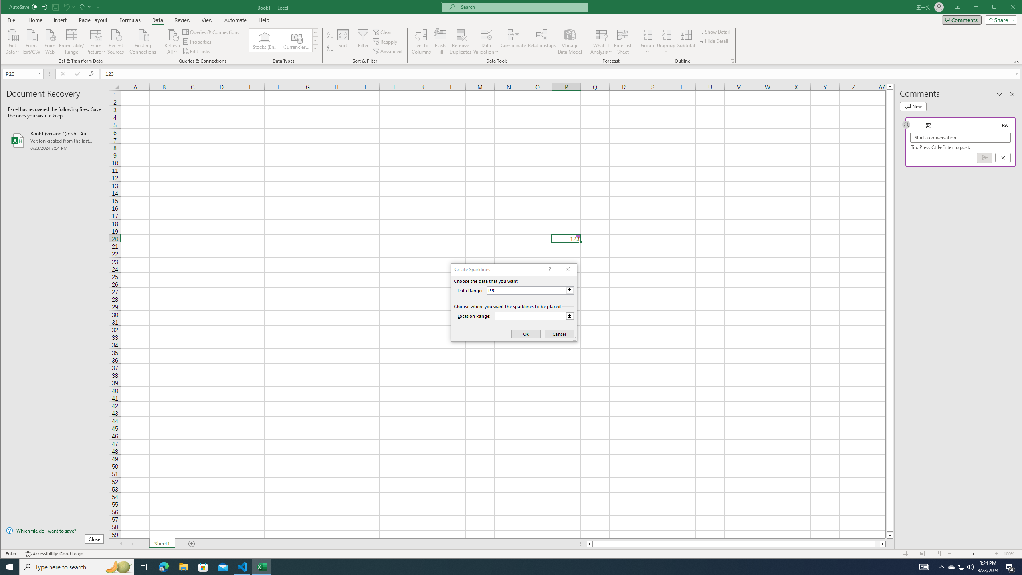 The width and height of the screenshot is (1022, 575). I want to click on 'Relationships', so click(542, 41).